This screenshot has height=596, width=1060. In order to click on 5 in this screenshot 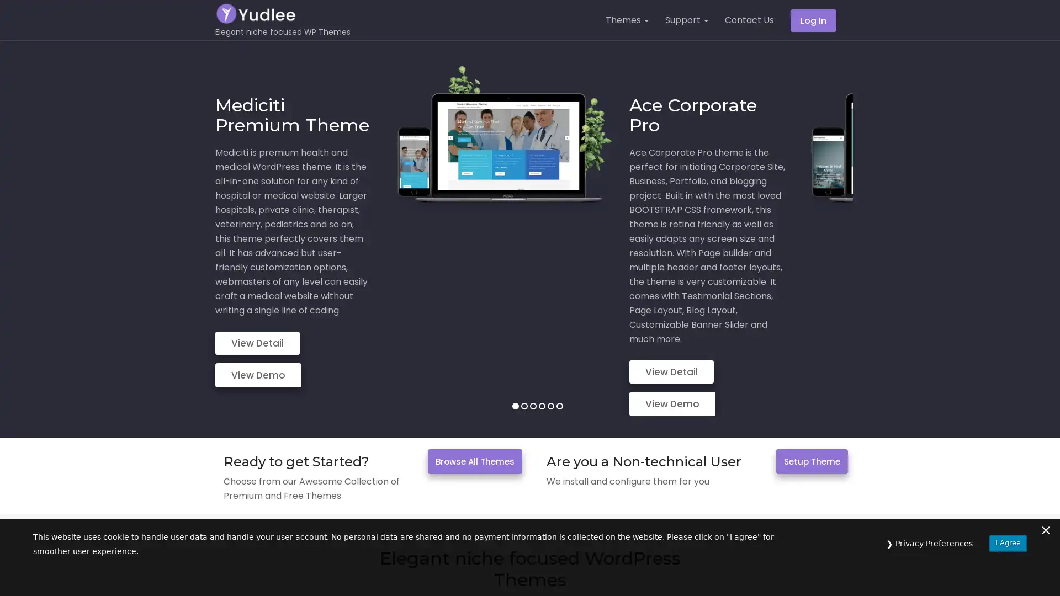, I will do `click(550, 328)`.